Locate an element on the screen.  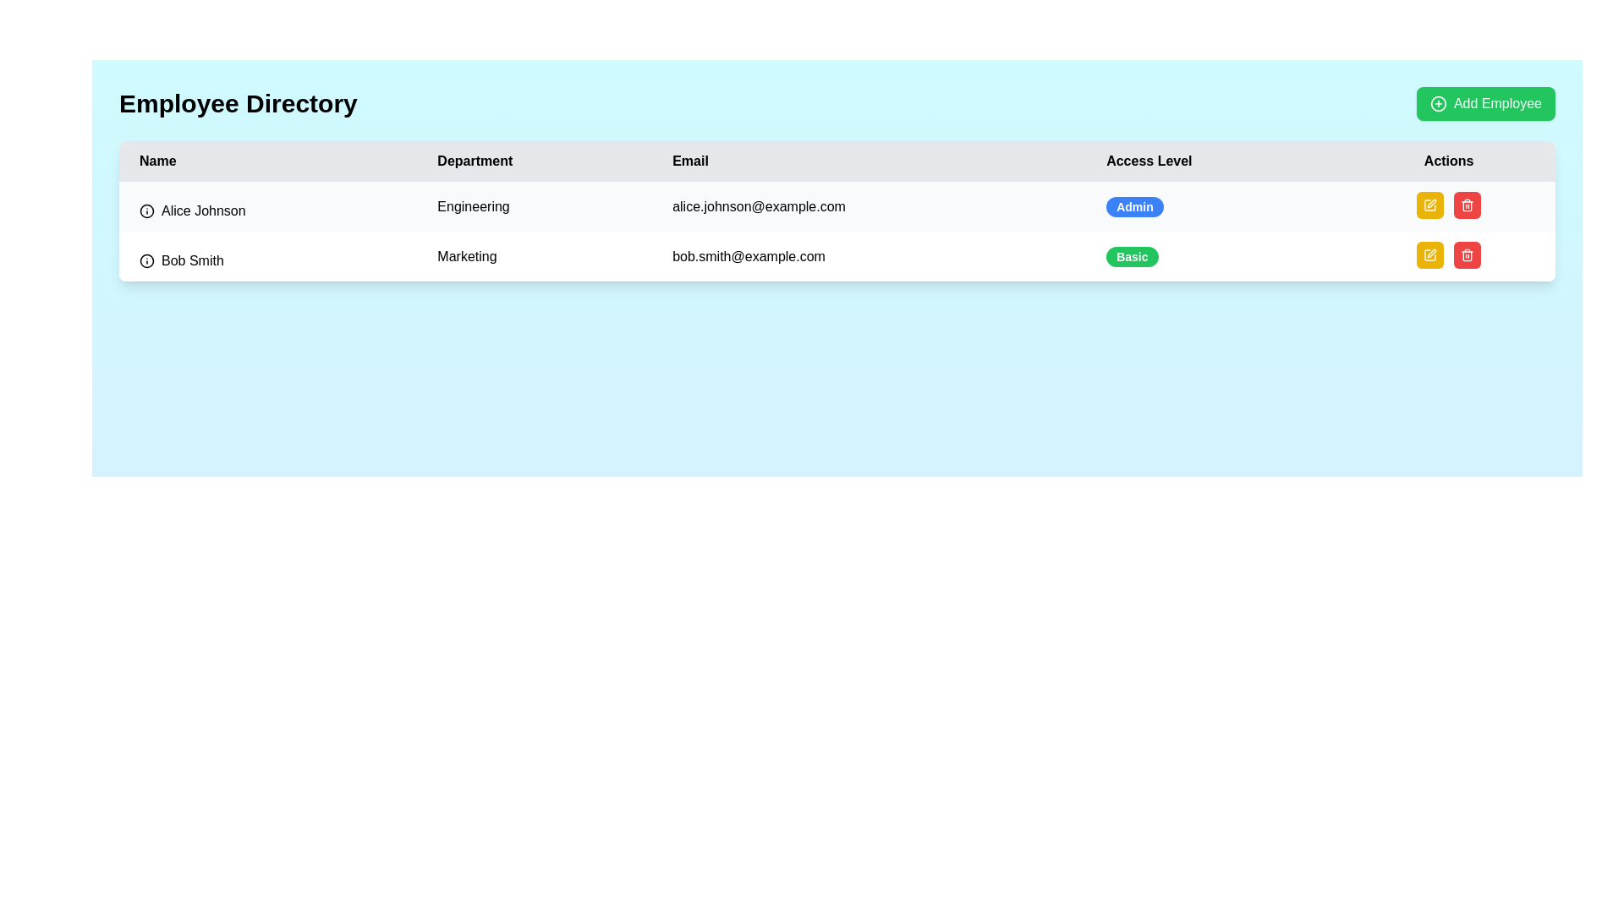
the 'Access Level' label indicating the permissions for 'Bob Smith' in the second row of the employee directory table is located at coordinates (1132, 256).